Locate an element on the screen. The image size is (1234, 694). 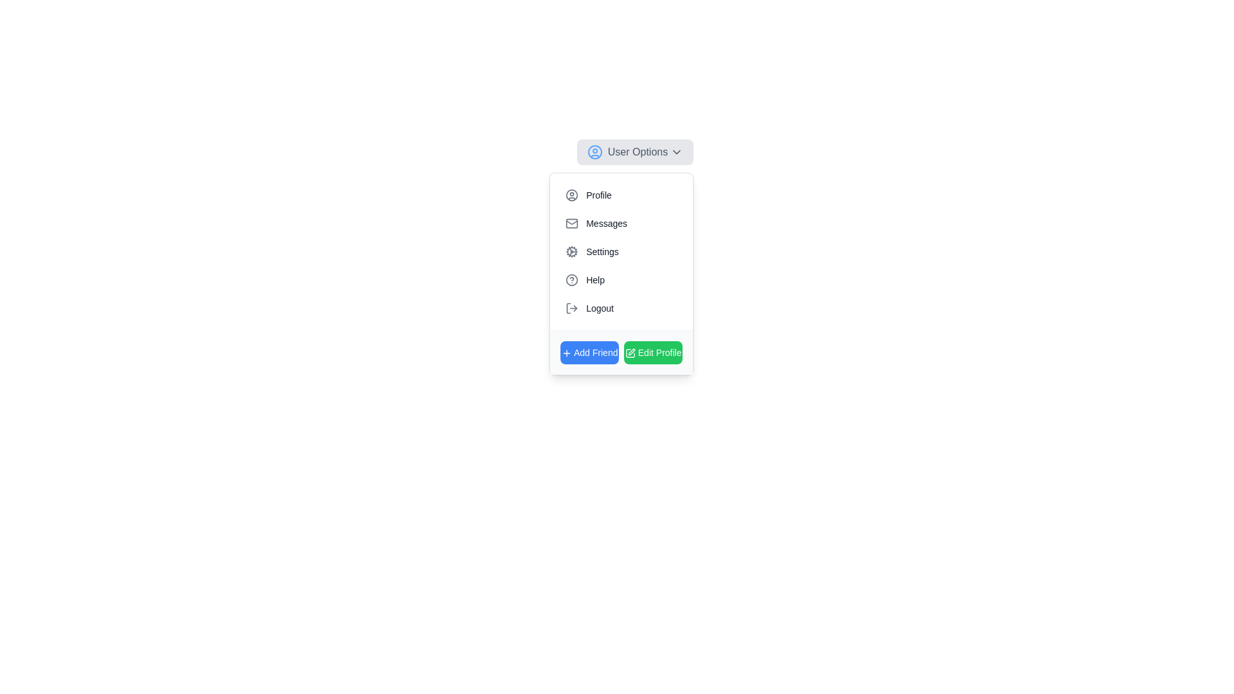
the 'Add Friend' button, which is a blue button with white text and a plus icon, located within the dropdown menu under the 'User Options' button is located at coordinates (621, 352).